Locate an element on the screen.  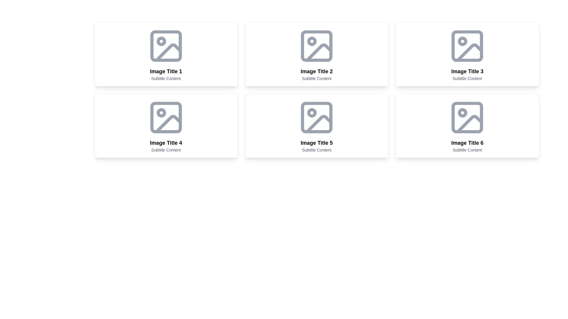
the decorative icon located at the bottom-right corner of the image placeholder titled 'Image Title 2' is located at coordinates (319, 52).